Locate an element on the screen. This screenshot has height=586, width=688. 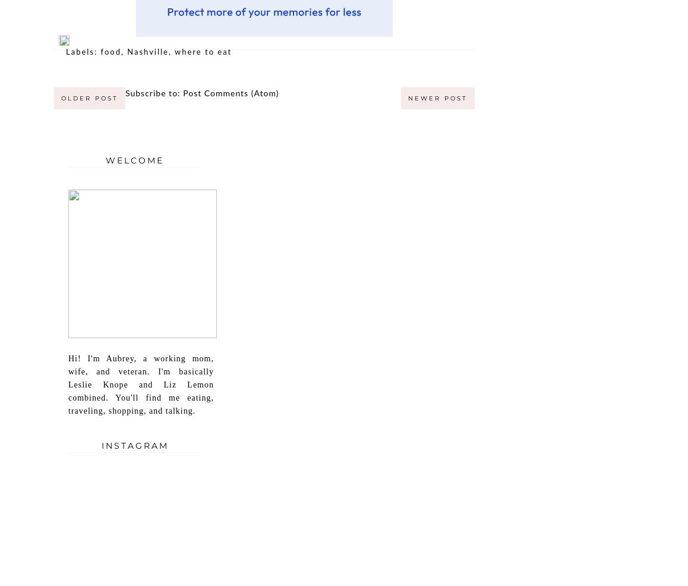
'Welcome' is located at coordinates (105, 159).